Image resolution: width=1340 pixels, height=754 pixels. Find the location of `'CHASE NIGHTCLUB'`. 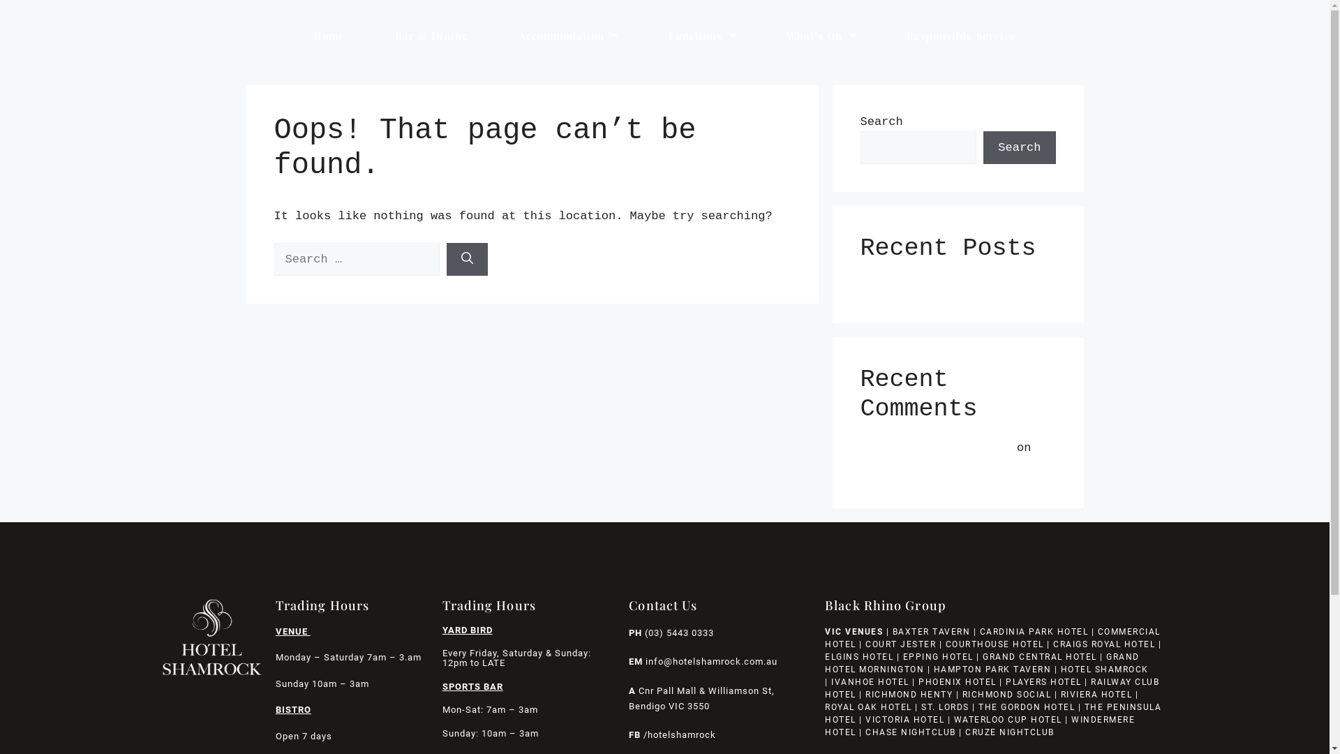

'CHASE NIGHTCLUB' is located at coordinates (911, 732).